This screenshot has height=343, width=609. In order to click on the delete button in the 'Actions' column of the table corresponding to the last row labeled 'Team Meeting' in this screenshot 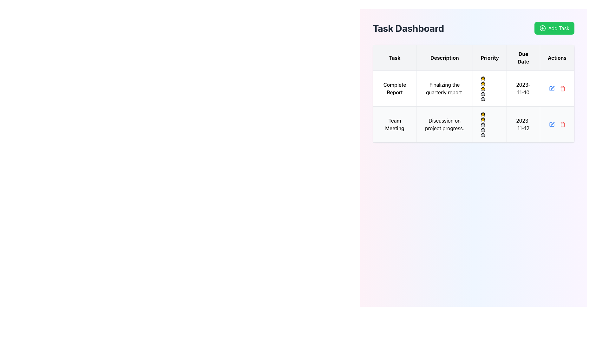, I will do `click(562, 124)`.